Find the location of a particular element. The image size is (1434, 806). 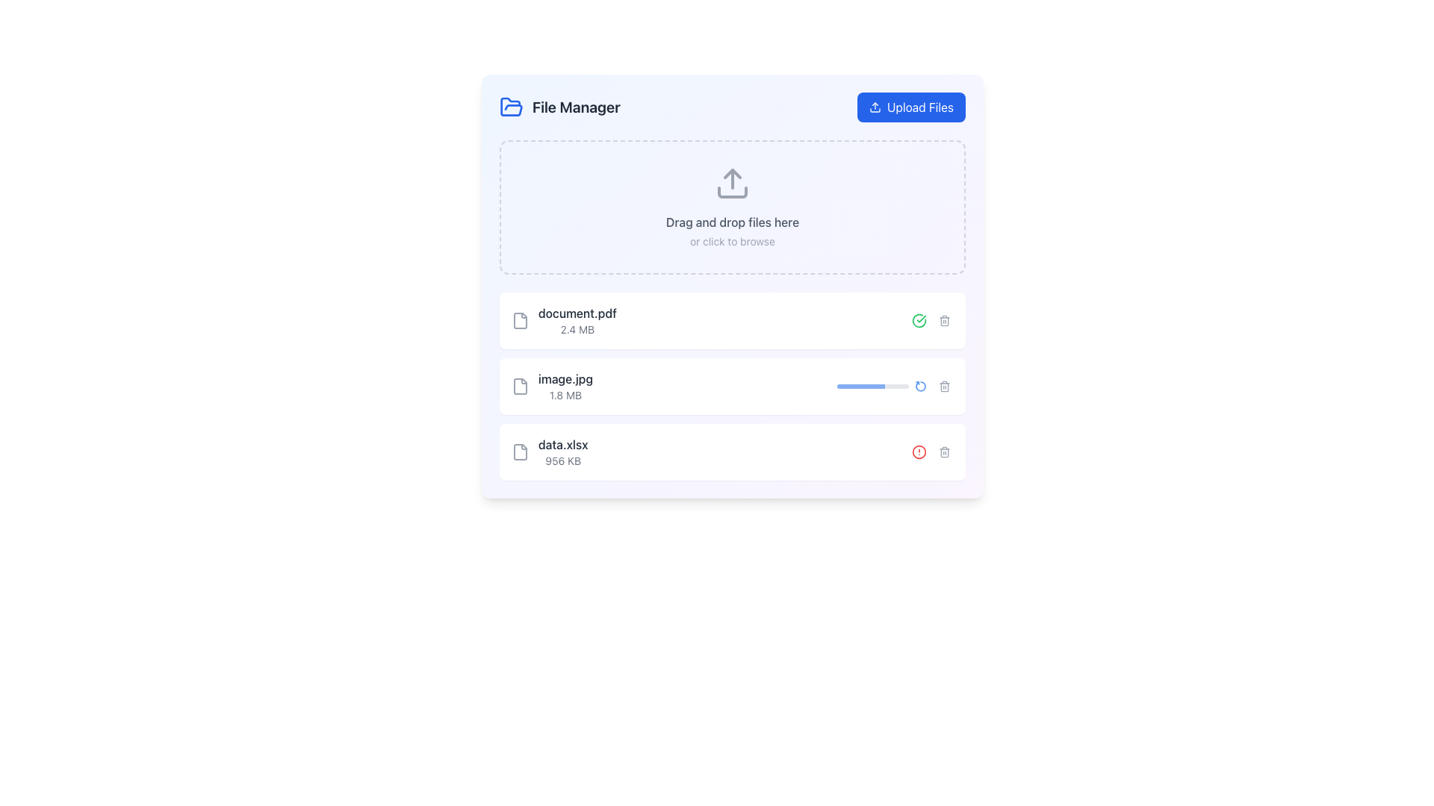

the textual display of file metadata located at the bottom row of the file manager interface is located at coordinates (549, 451).